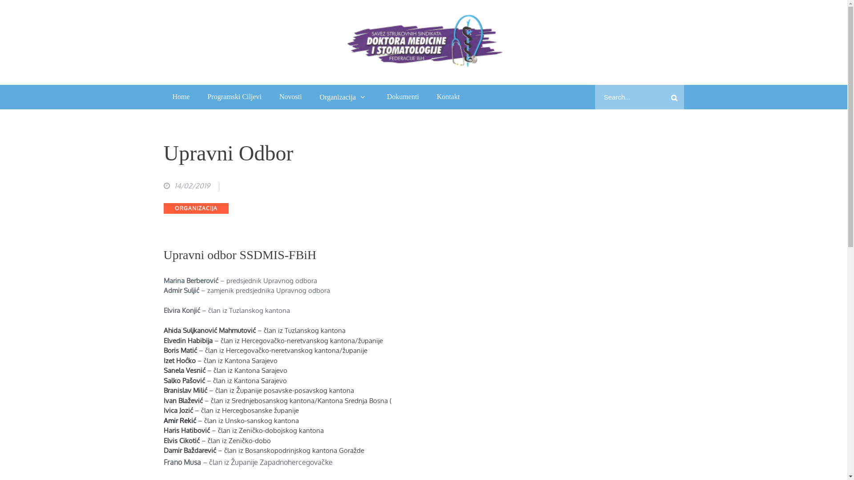 This screenshot has width=854, height=480. What do you see at coordinates (674, 97) in the screenshot?
I see `'Search'` at bounding box center [674, 97].